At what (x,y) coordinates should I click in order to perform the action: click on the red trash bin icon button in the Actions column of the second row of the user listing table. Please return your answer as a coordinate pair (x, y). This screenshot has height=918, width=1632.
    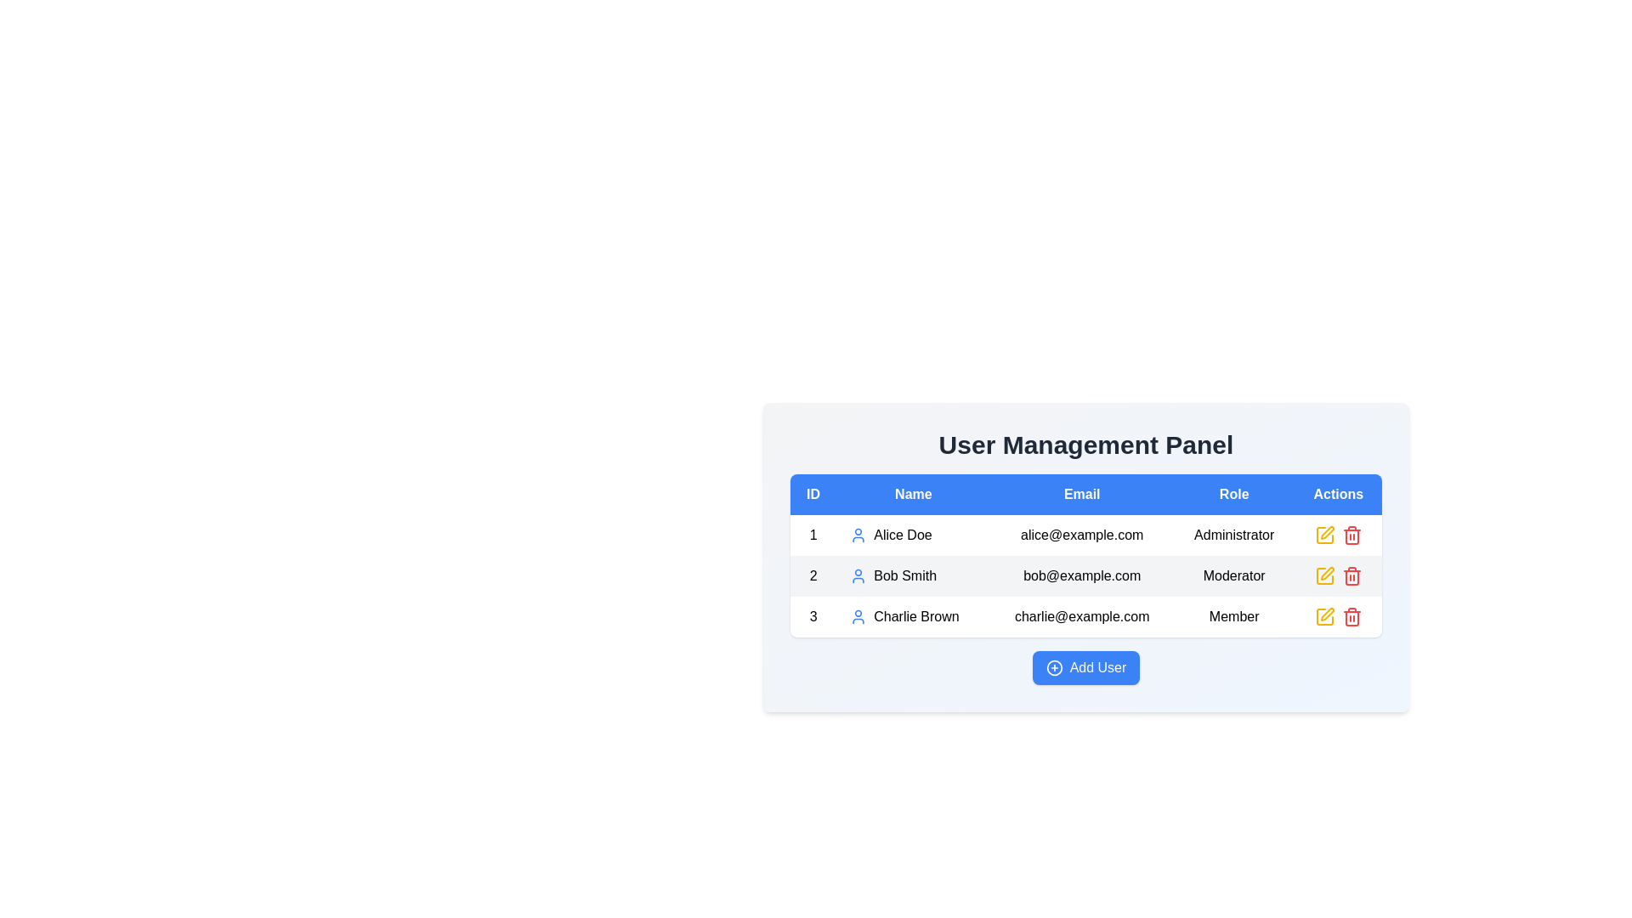
    Looking at the image, I should click on (1351, 575).